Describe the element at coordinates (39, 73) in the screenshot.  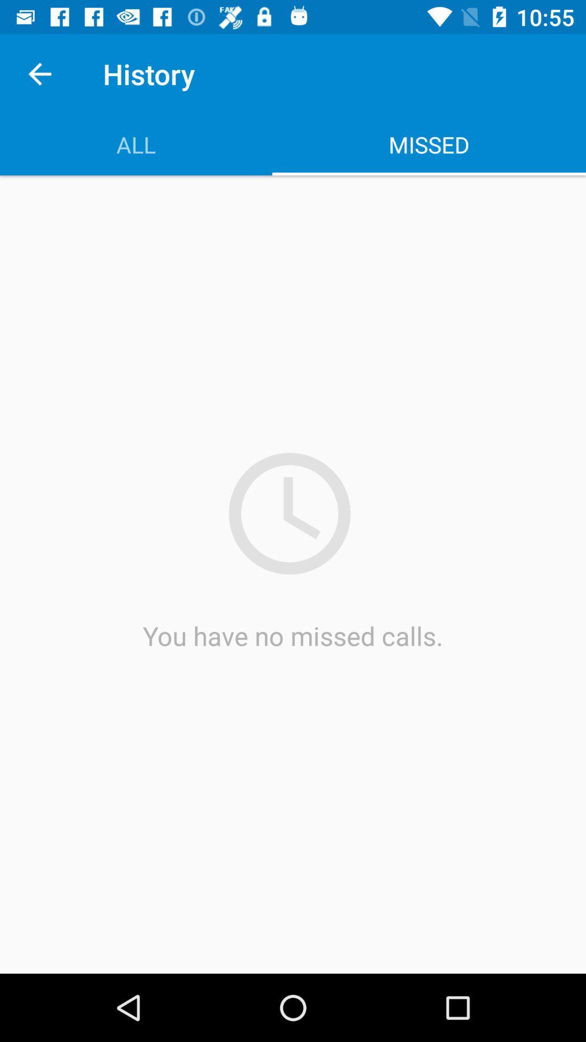
I see `app above all item` at that location.